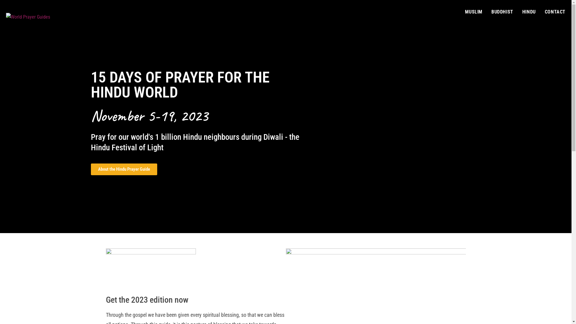 The width and height of the screenshot is (576, 324). What do you see at coordinates (529, 12) in the screenshot?
I see `'HINDU'` at bounding box center [529, 12].